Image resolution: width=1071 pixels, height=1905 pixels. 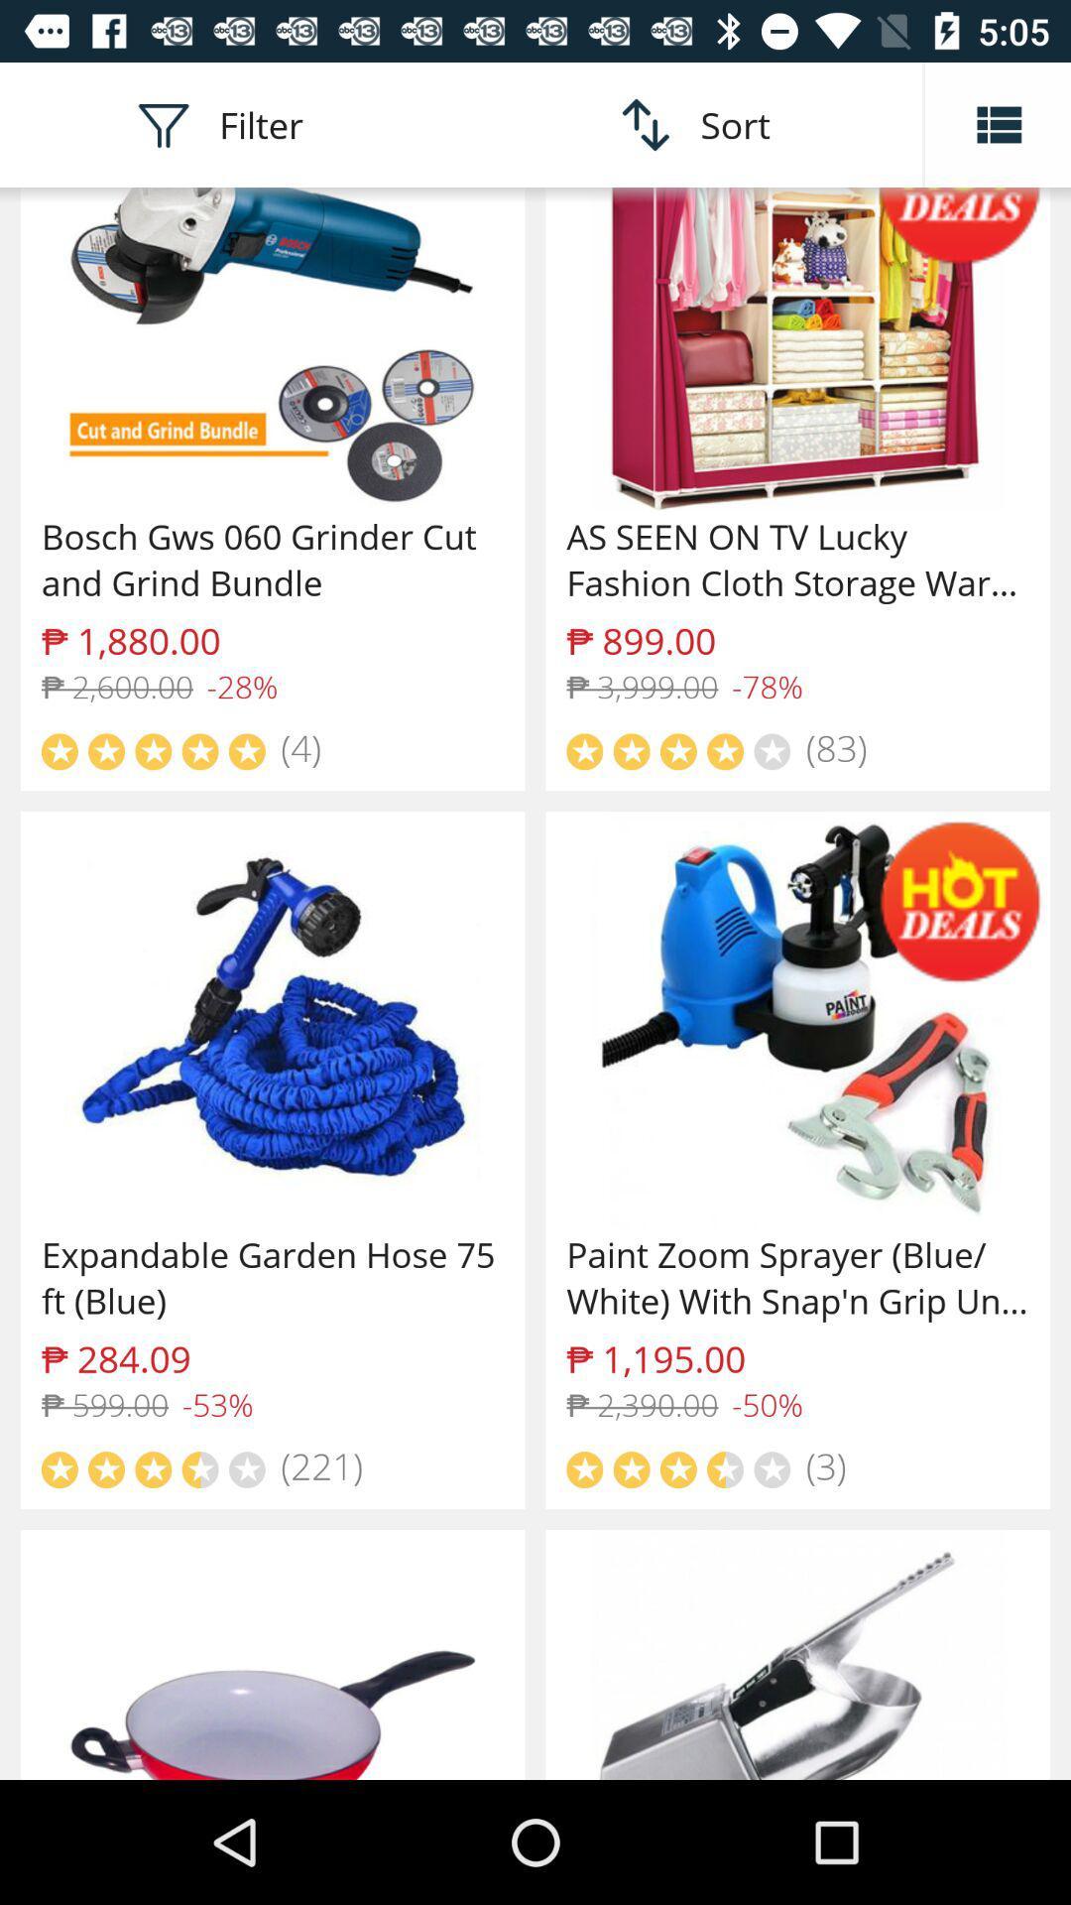 What do you see at coordinates (998, 123) in the screenshot?
I see `the list icon` at bounding box center [998, 123].